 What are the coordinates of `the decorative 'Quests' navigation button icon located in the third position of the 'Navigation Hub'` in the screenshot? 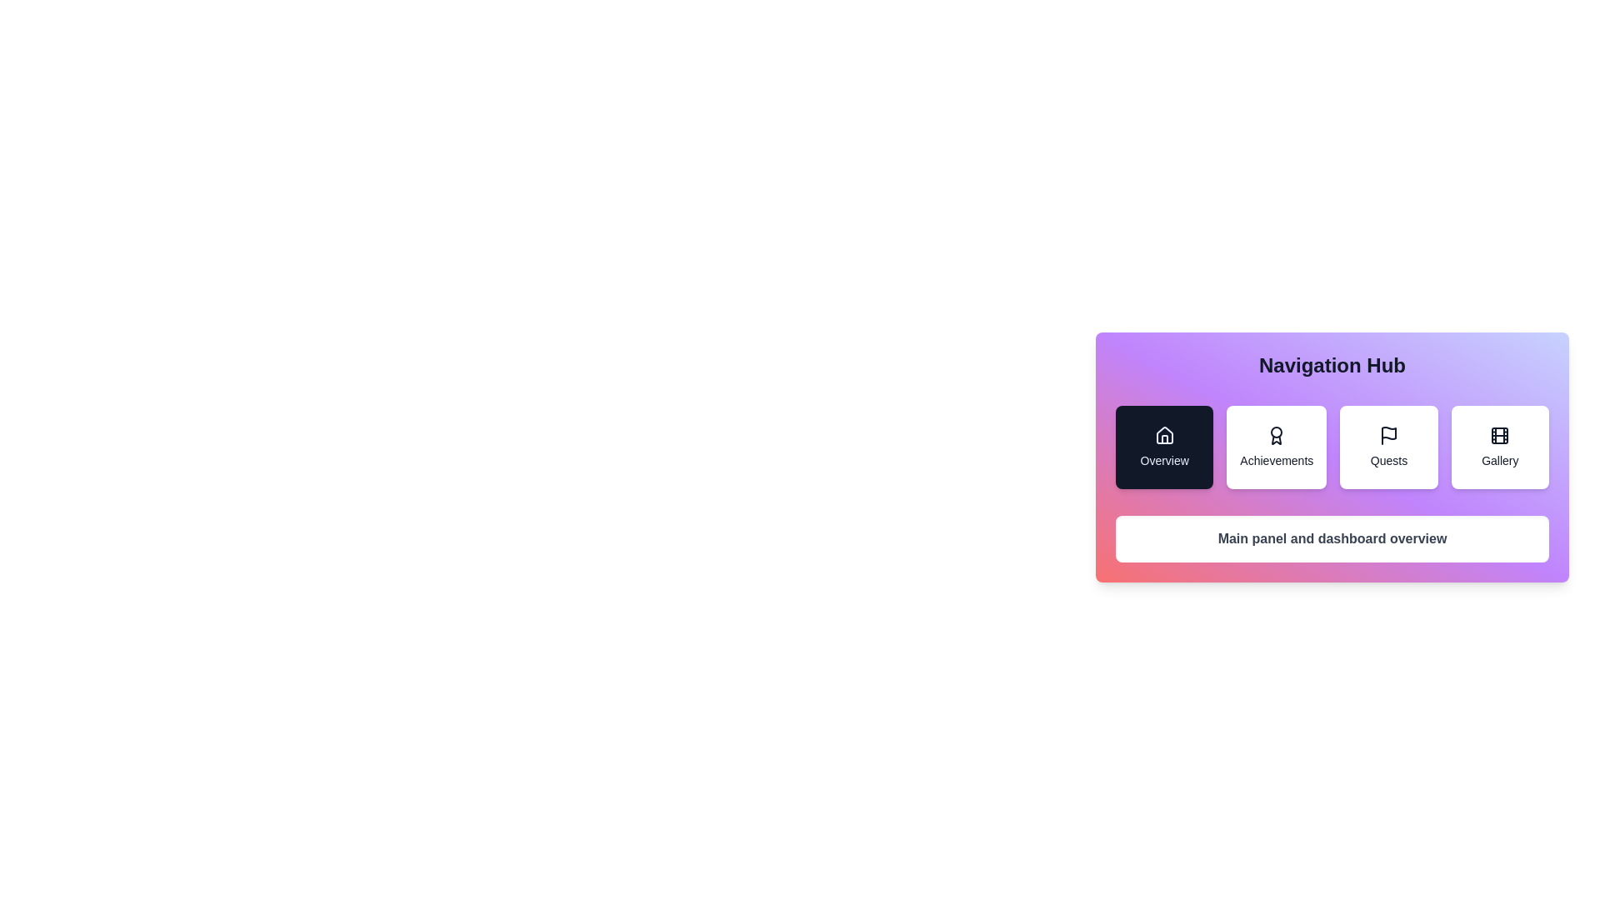 It's located at (1388, 435).